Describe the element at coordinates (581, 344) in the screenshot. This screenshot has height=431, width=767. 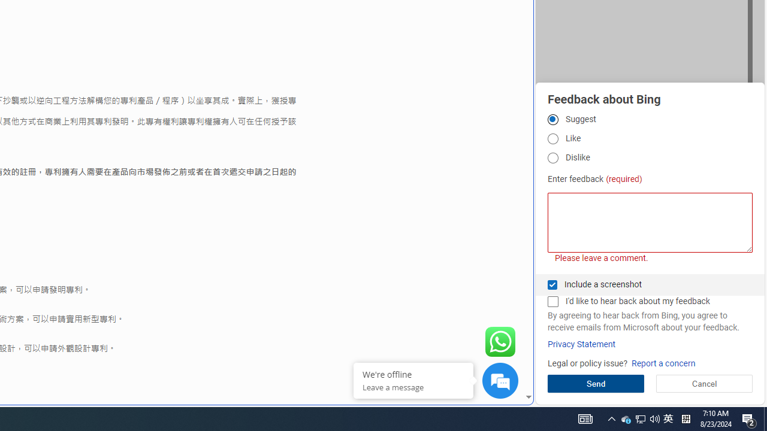
I see `'Privacy Statement'` at that location.